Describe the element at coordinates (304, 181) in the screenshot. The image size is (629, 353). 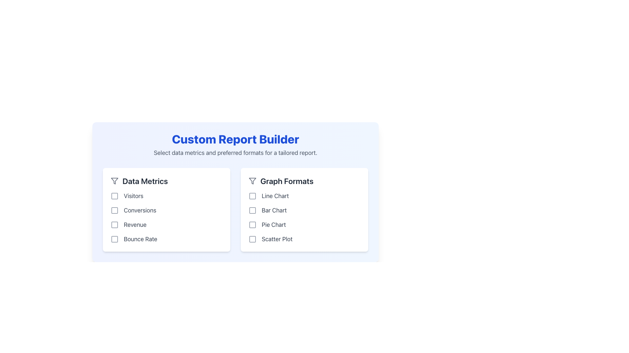
I see `the text header 'Graph Formats' with a decorative filter icon, located in the right panel of the Custom Report Builder layout` at that location.